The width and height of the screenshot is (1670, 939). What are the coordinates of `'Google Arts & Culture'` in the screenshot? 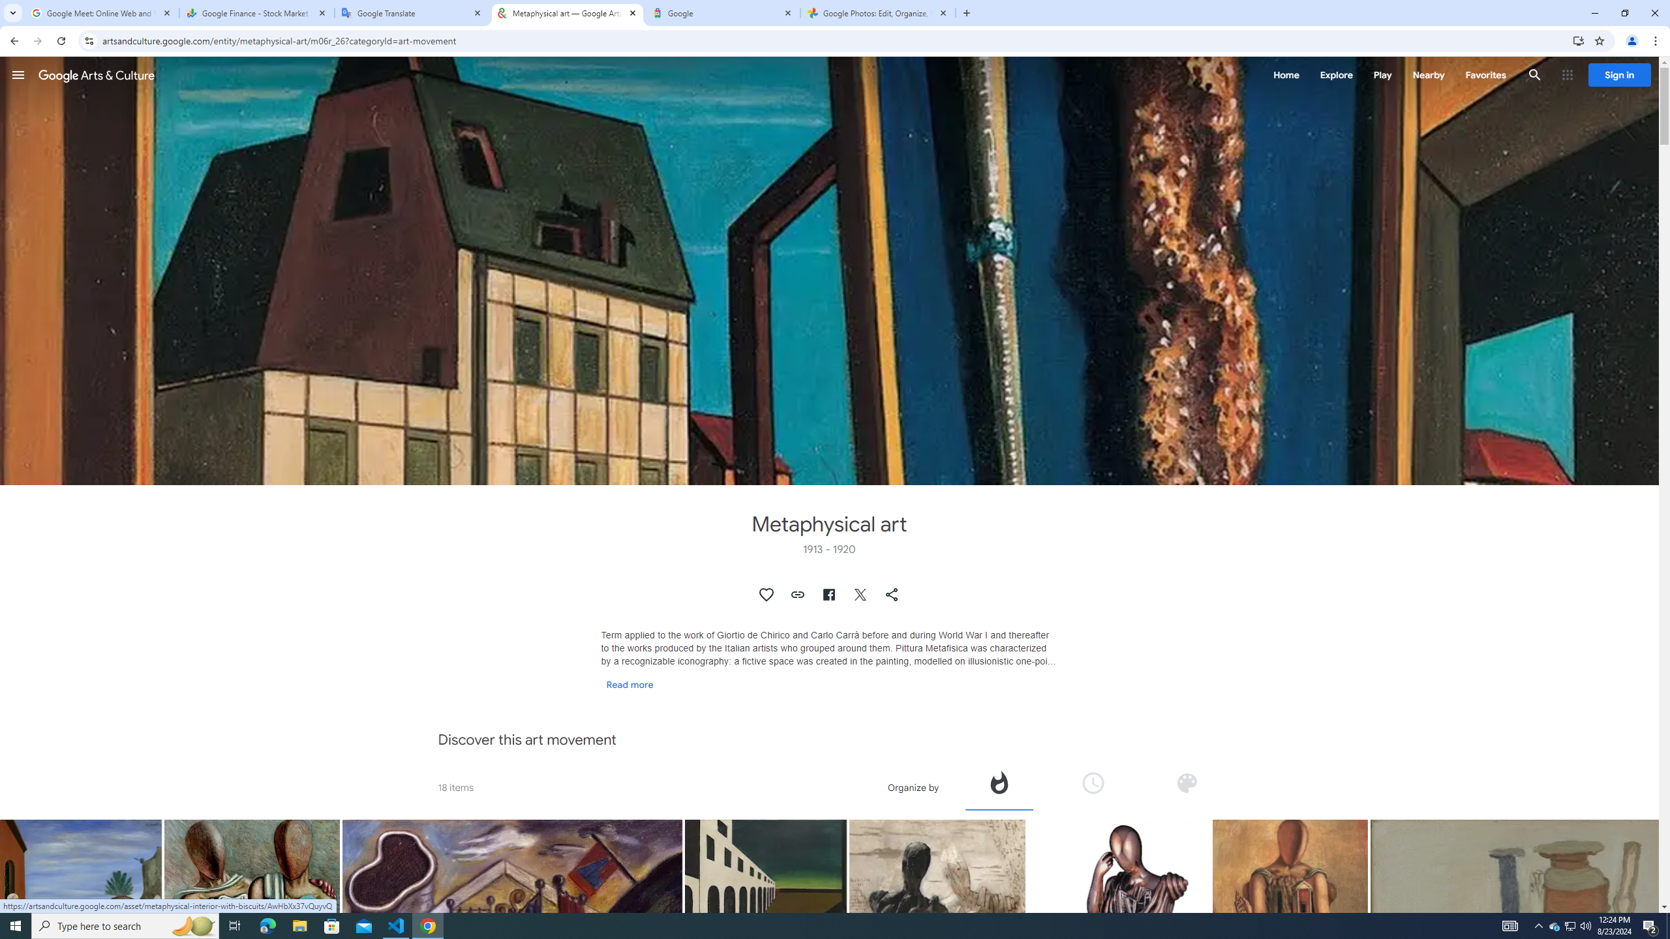 It's located at (96, 74).